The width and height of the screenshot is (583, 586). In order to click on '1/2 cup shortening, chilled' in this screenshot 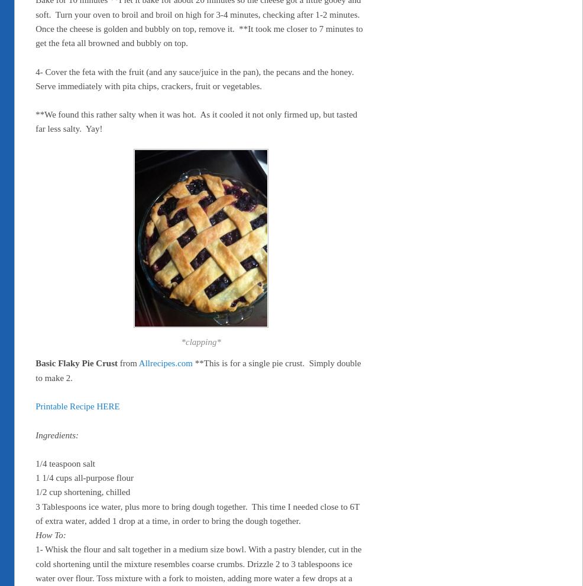, I will do `click(83, 491)`.